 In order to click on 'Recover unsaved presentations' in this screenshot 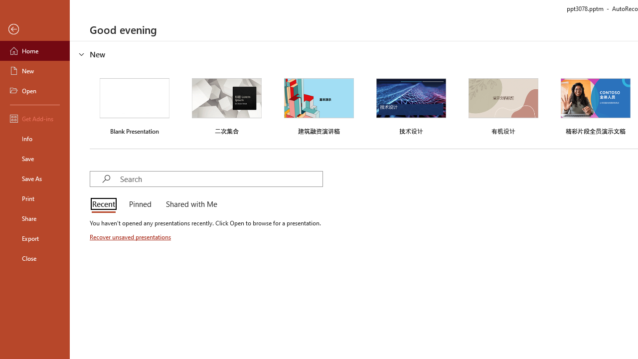, I will do `click(131, 237)`.